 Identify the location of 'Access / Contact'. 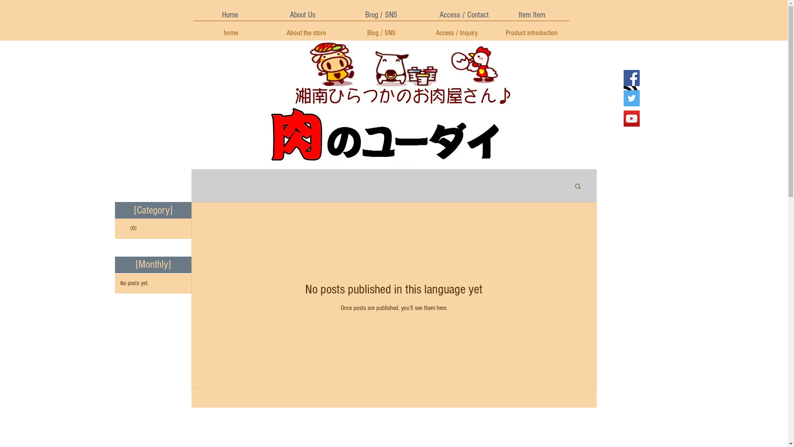
(433, 14).